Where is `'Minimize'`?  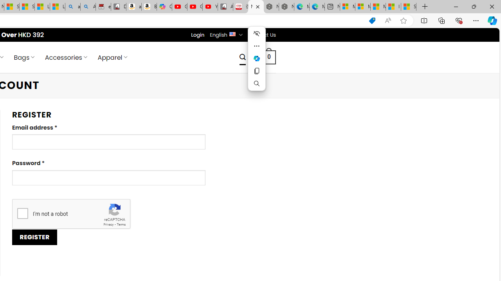
'Minimize' is located at coordinates (456, 6).